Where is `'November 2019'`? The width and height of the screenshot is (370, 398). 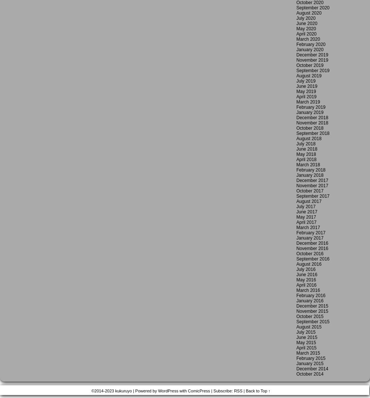 'November 2019' is located at coordinates (312, 60).